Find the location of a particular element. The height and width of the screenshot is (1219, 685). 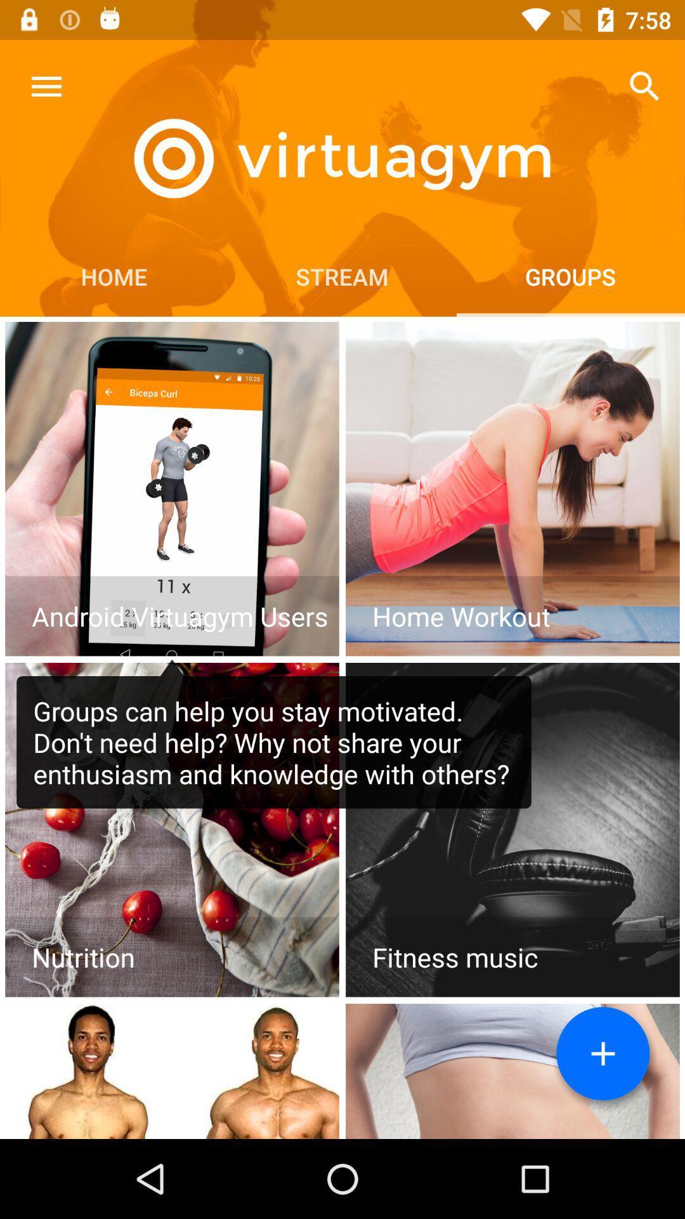

item above home icon is located at coordinates (46, 86).